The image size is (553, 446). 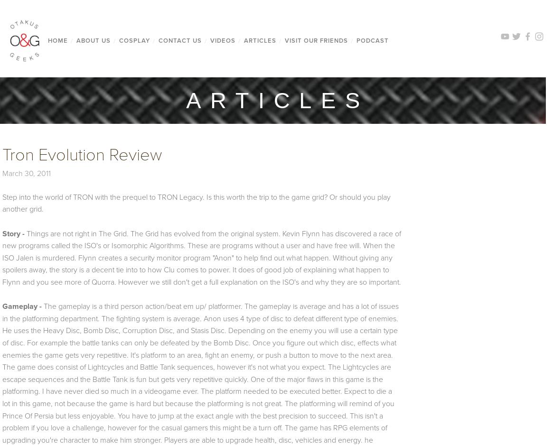 What do you see at coordinates (222, 40) in the screenshot?
I see `'VIDEOS'` at bounding box center [222, 40].